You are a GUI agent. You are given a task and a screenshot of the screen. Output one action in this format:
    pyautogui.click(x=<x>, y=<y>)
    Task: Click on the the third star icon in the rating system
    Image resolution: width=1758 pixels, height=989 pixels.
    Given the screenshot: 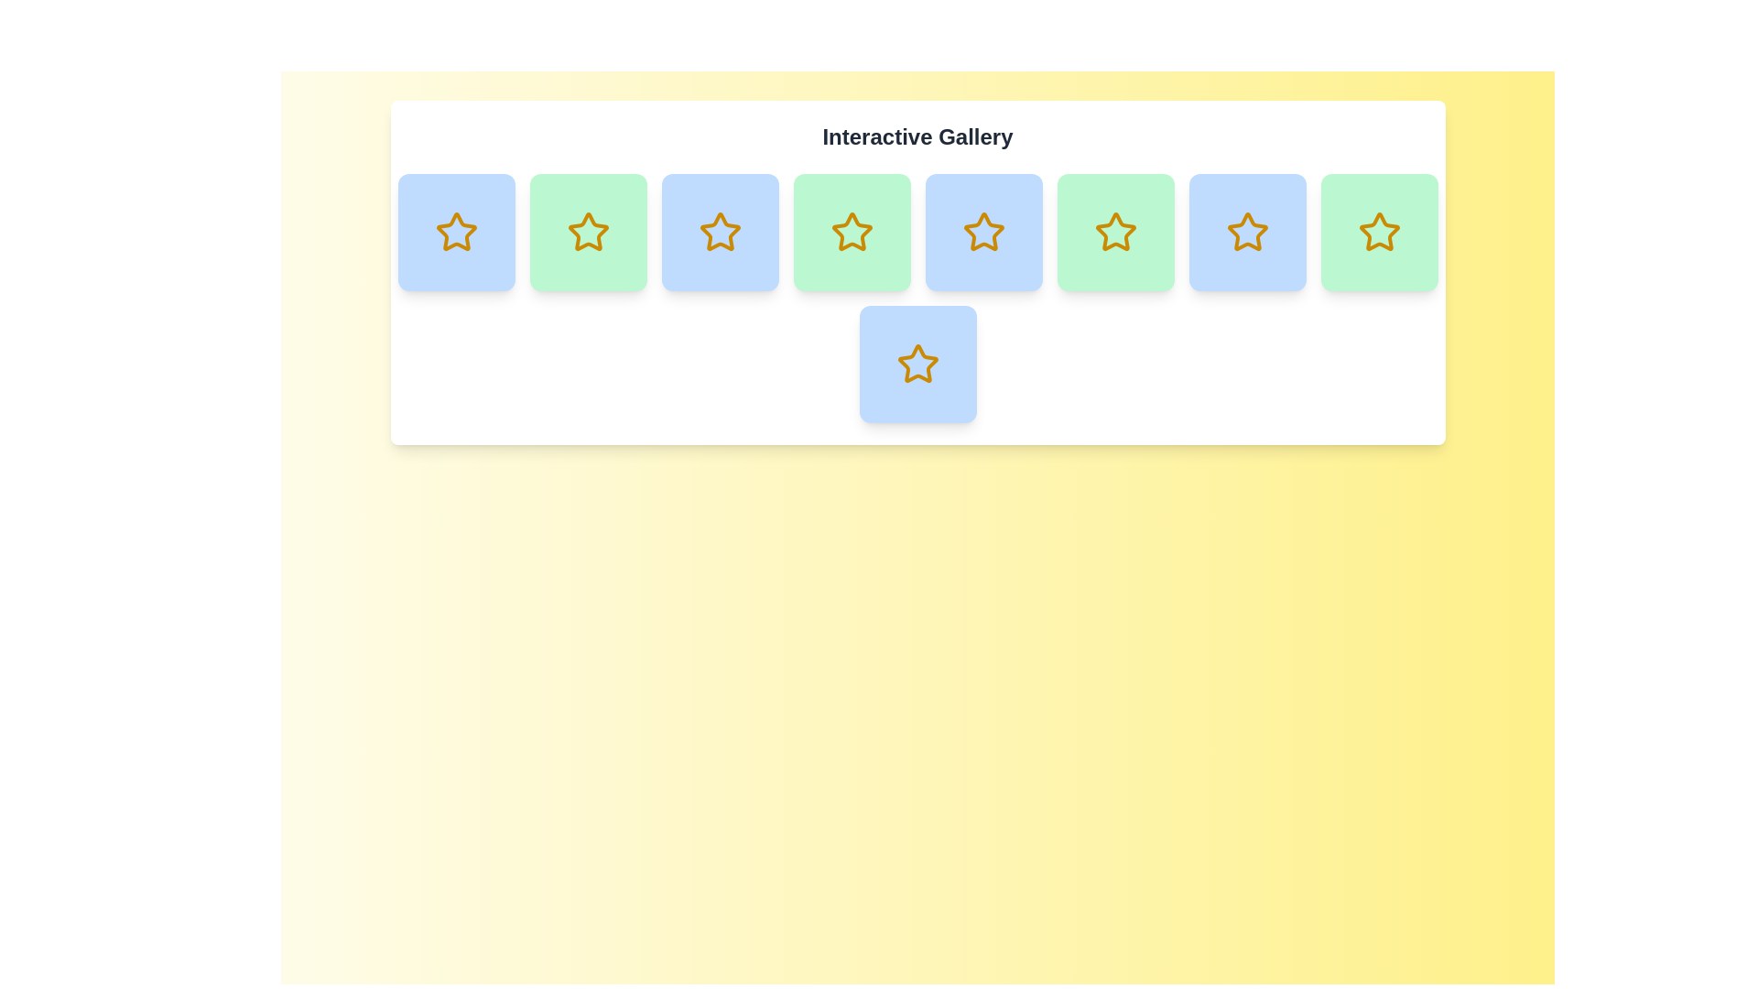 What is the action you would take?
    pyautogui.click(x=851, y=231)
    